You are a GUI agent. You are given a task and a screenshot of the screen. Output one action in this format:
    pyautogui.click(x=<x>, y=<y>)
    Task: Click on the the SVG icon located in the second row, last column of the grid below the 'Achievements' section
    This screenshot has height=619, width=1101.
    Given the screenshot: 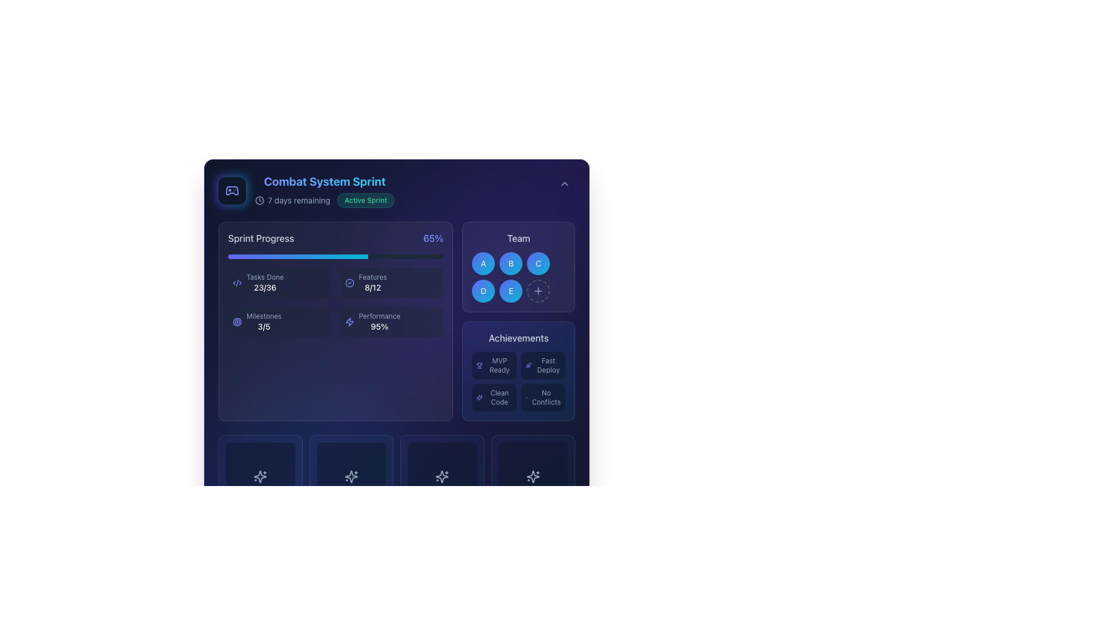 What is the action you would take?
    pyautogui.click(x=532, y=477)
    